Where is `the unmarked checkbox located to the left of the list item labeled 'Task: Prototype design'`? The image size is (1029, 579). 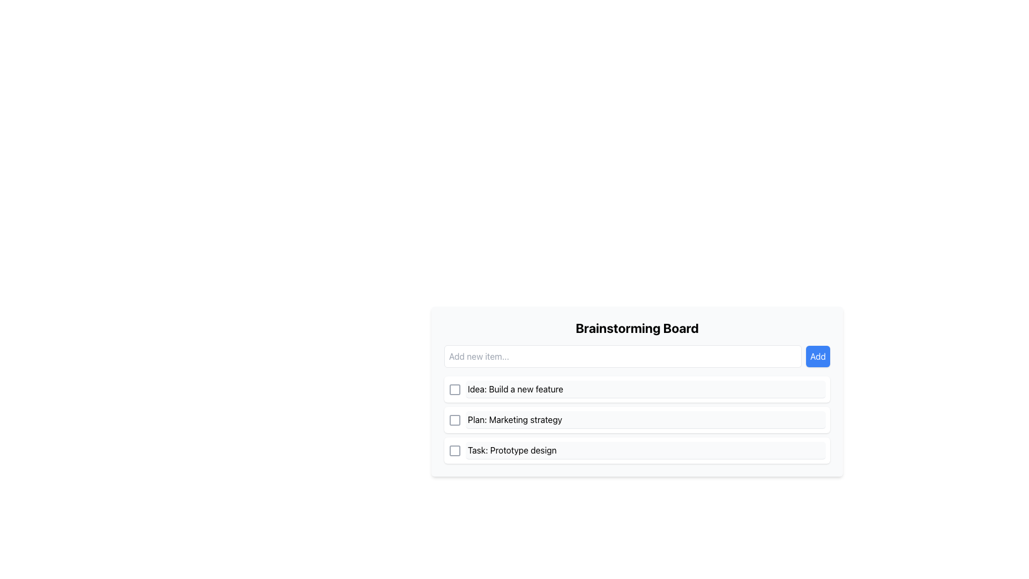
the unmarked checkbox located to the left of the list item labeled 'Task: Prototype design' is located at coordinates (455, 450).